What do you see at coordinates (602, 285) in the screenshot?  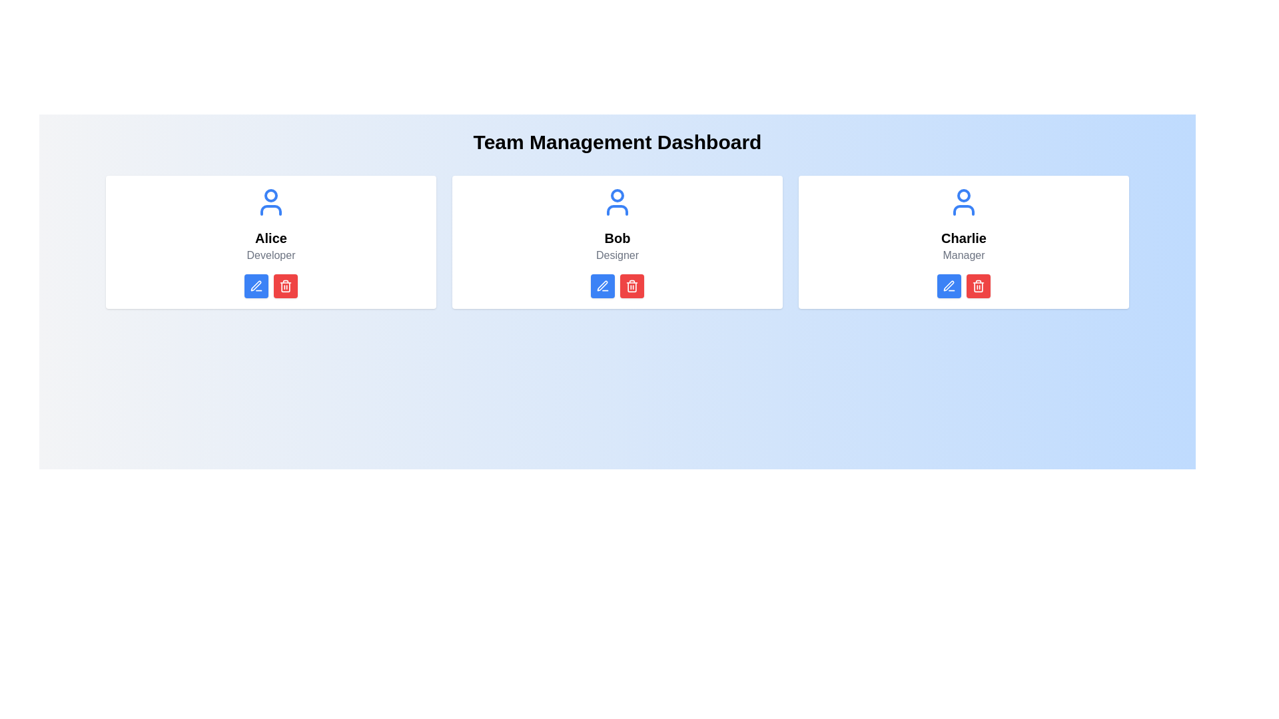 I see `the edit icon embedded in the button for the user card of 'Bob' (Designer) via tab navigation` at bounding box center [602, 285].